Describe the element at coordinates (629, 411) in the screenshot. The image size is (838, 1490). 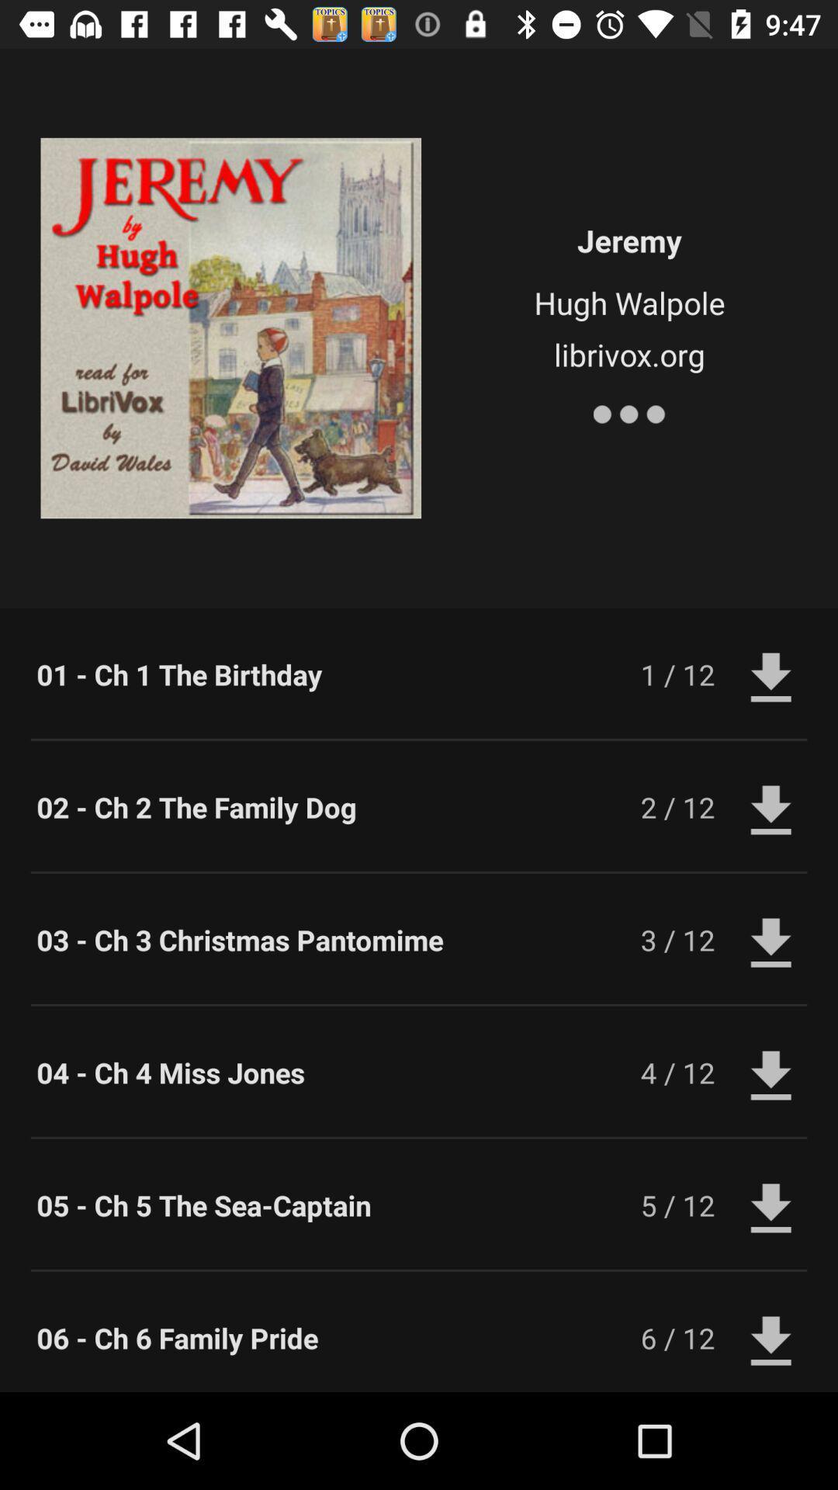
I see `icon below librivox.org icon` at that location.